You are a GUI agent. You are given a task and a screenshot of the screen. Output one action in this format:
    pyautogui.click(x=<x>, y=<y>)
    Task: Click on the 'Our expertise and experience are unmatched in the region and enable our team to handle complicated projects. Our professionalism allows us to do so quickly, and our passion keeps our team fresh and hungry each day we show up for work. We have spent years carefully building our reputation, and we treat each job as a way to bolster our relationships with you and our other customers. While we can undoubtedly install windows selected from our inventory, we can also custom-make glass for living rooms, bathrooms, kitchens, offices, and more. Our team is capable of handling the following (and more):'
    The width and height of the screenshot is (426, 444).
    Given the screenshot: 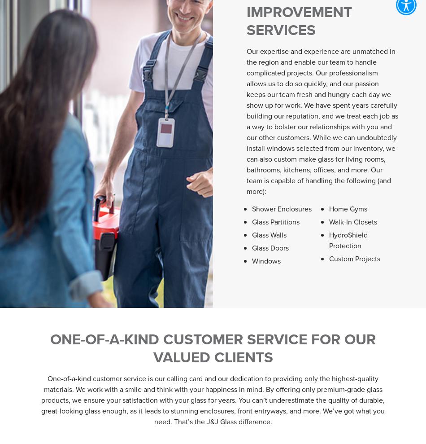 What is the action you would take?
    pyautogui.click(x=246, y=120)
    